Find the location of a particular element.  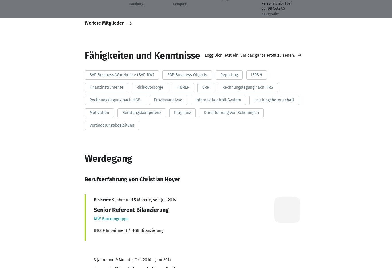

'Werdegang' is located at coordinates (84, 158).